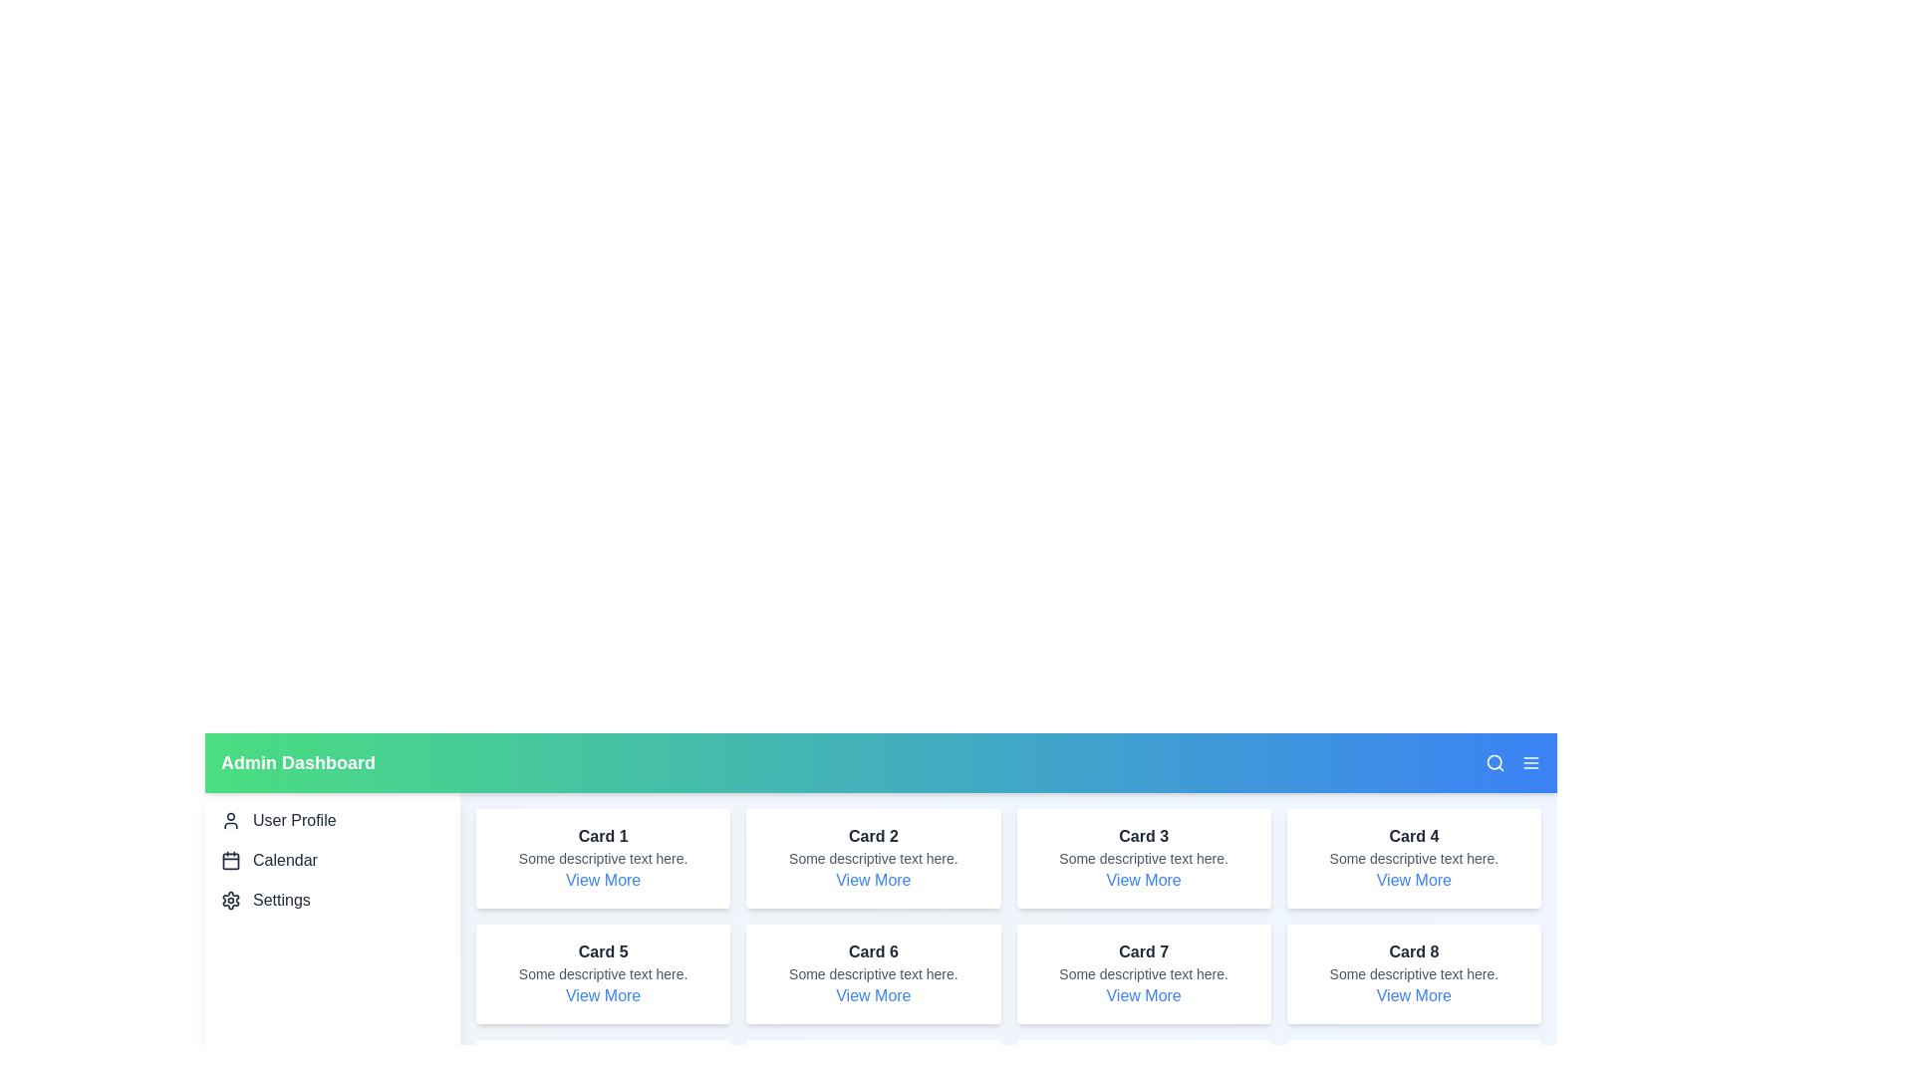 This screenshot has height=1076, width=1913. What do you see at coordinates (333, 821) in the screenshot?
I see `the menu item User Profile from the sidebar` at bounding box center [333, 821].